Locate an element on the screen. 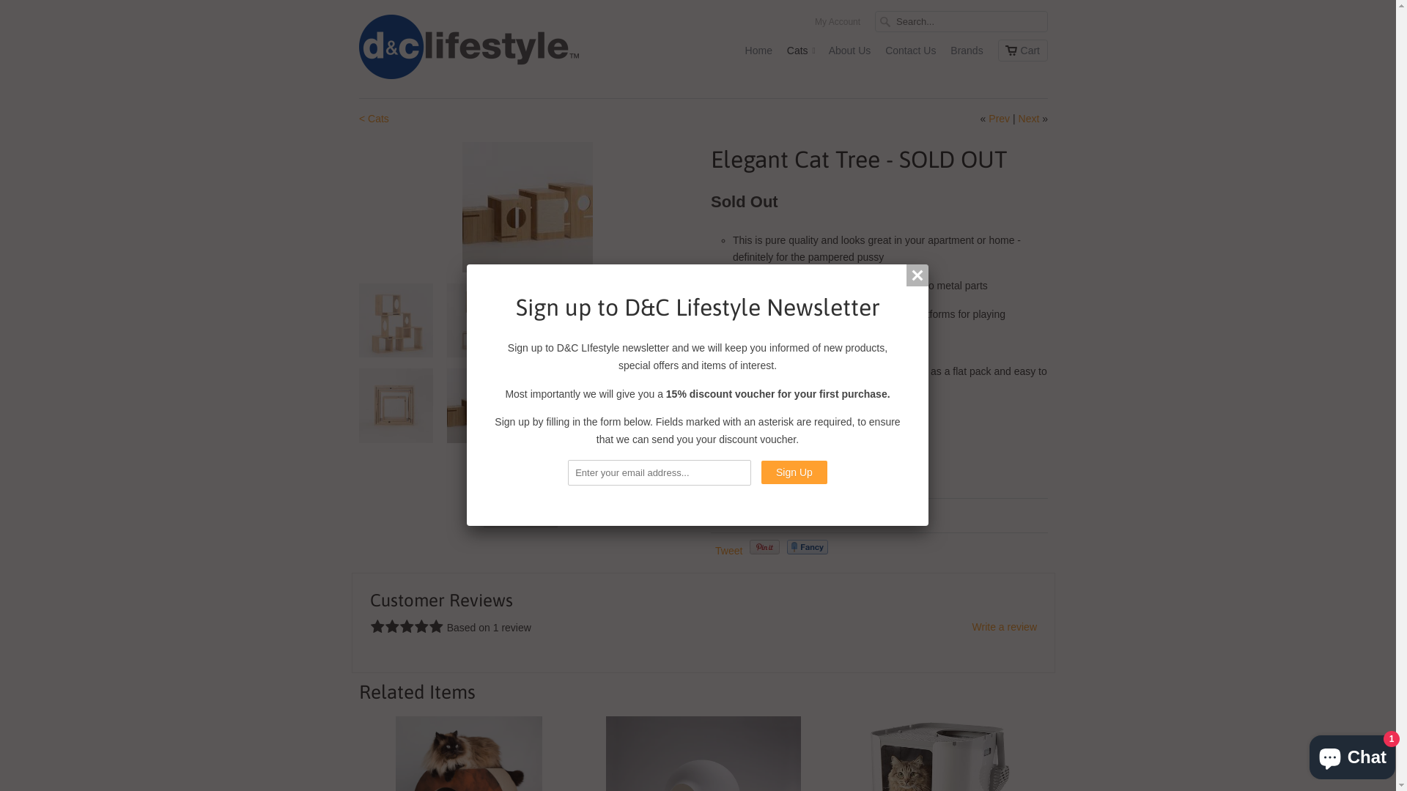 This screenshot has width=1407, height=791. 'Contact Us' is located at coordinates (909, 53).